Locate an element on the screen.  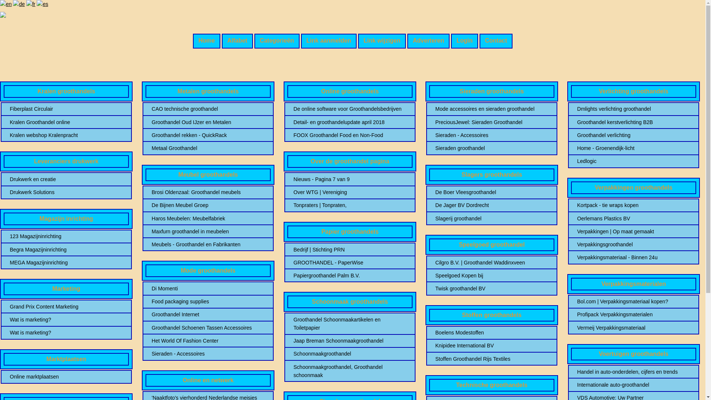
'Sieraden - Accessoires' is located at coordinates (492, 135).